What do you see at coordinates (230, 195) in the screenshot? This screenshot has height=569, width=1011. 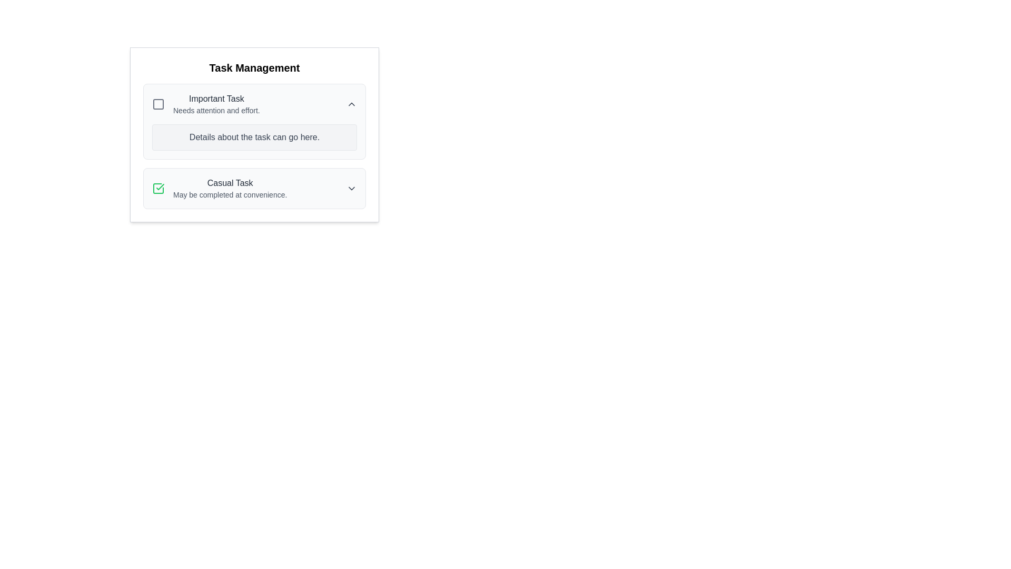 I see `text label providing additional details about the task titled 'Casual Task', which indicates its optional and non-urgent nature, located beneath the title within the task management card` at bounding box center [230, 195].